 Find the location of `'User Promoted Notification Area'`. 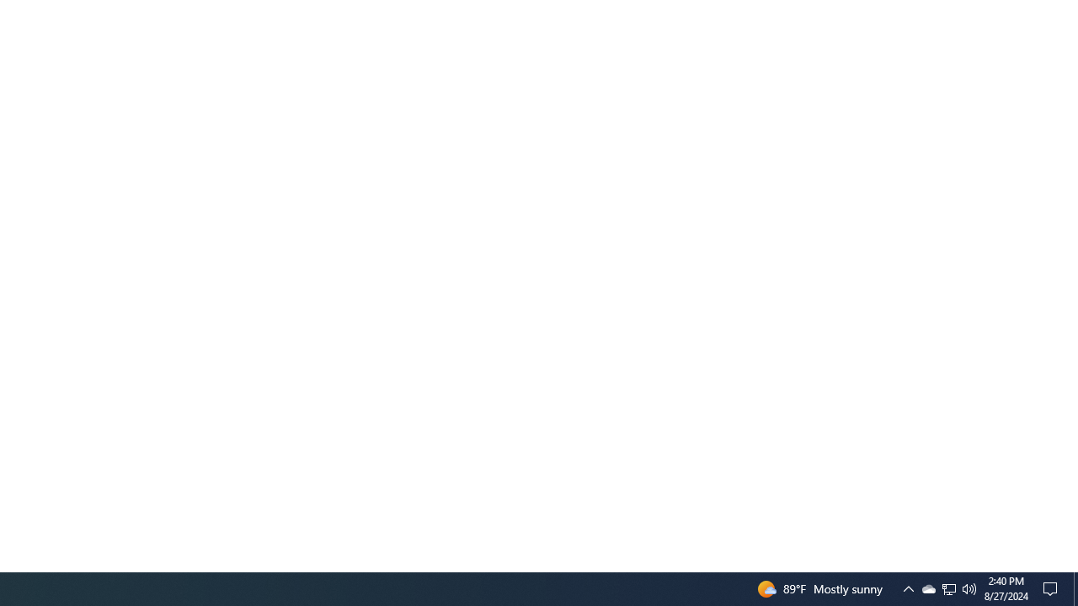

'User Promoted Notification Area' is located at coordinates (908, 587).